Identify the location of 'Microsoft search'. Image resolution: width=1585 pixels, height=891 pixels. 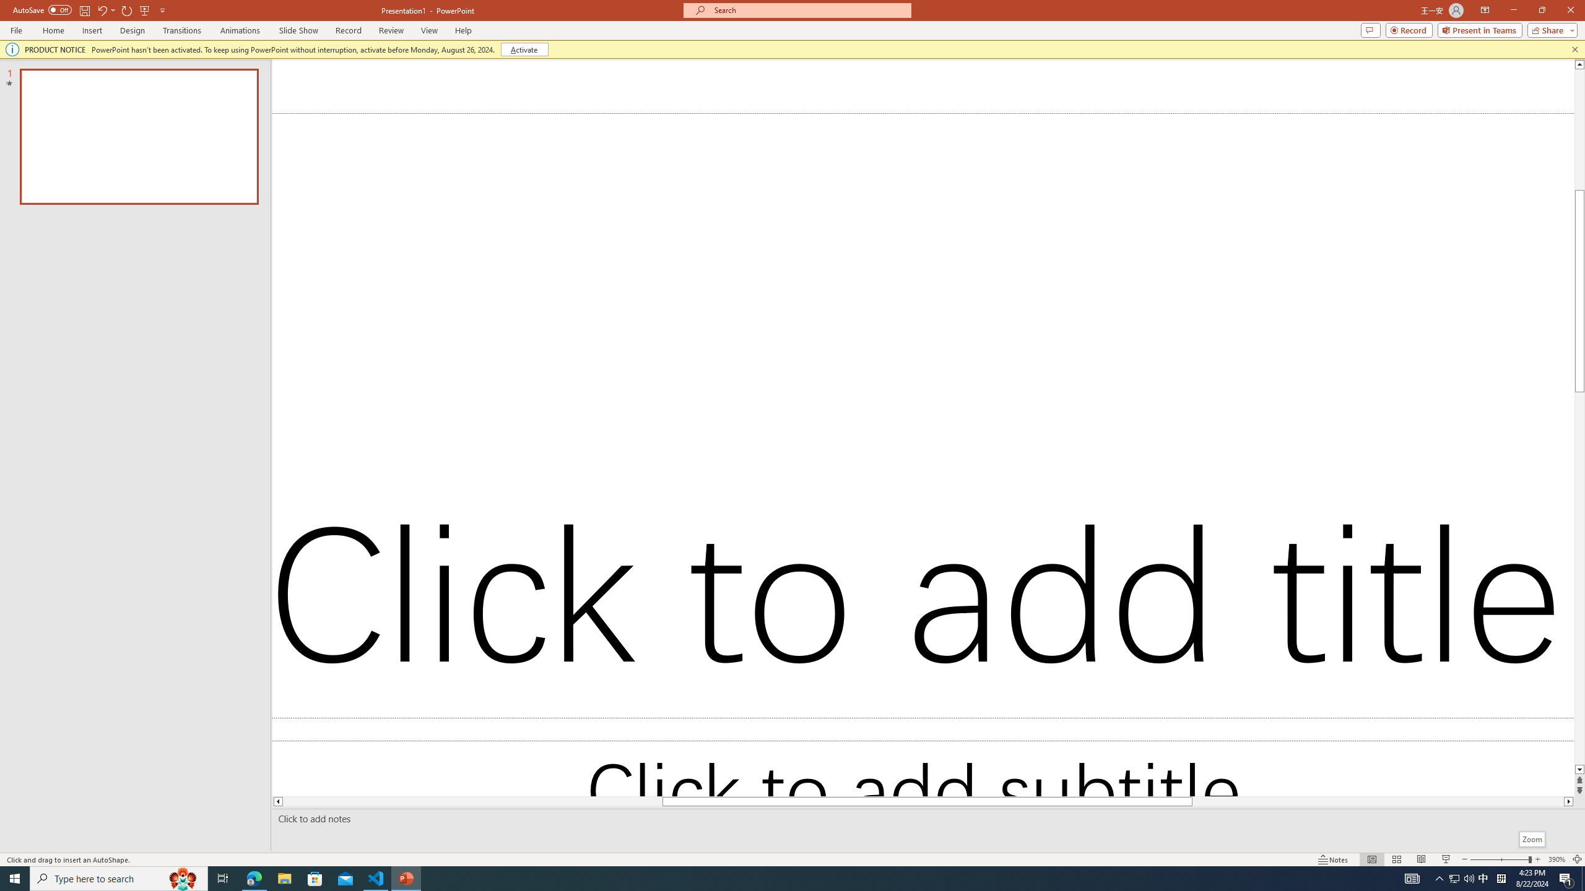
(807, 10).